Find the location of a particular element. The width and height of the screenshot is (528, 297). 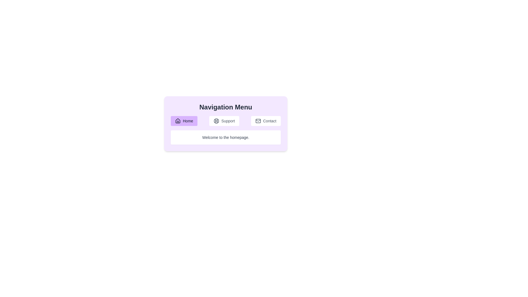

the first button in the horizontal navigation menu, which serves as a link to the homepage is located at coordinates (184, 120).